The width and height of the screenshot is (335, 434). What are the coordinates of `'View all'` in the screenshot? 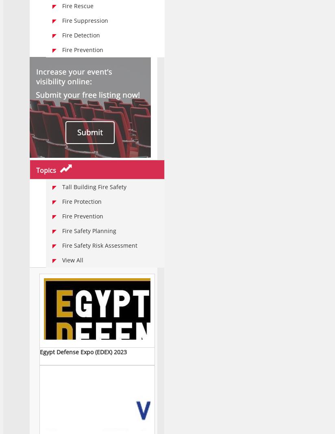 It's located at (72, 260).